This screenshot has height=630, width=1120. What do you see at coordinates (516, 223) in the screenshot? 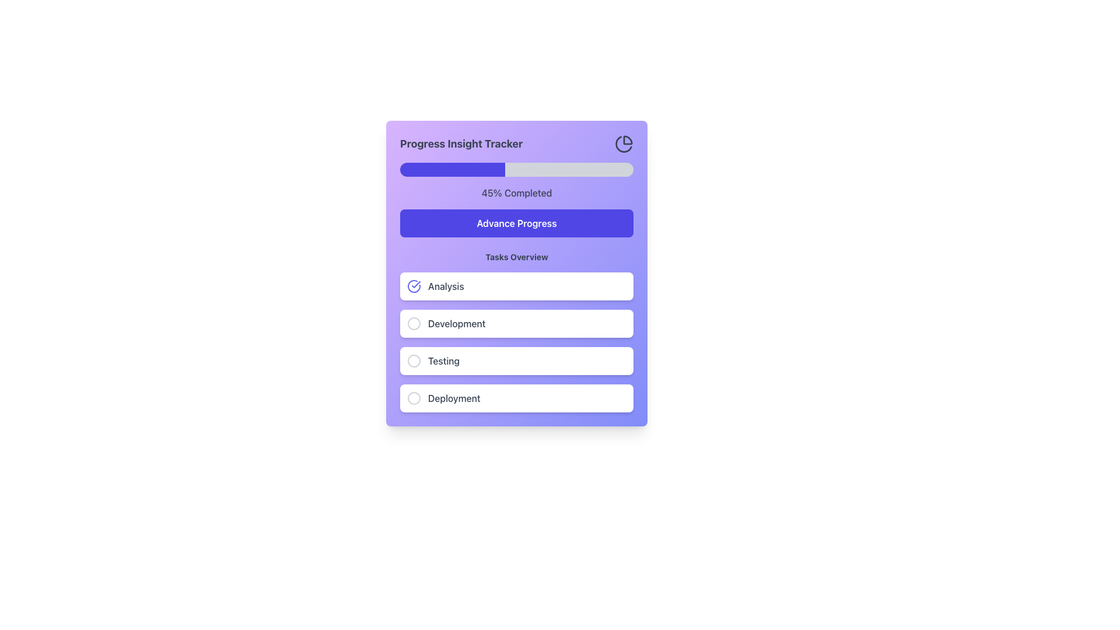
I see `the button labeled 'Advance Progress' with a purple background located within the 'Progress Insight Tracker' card` at bounding box center [516, 223].